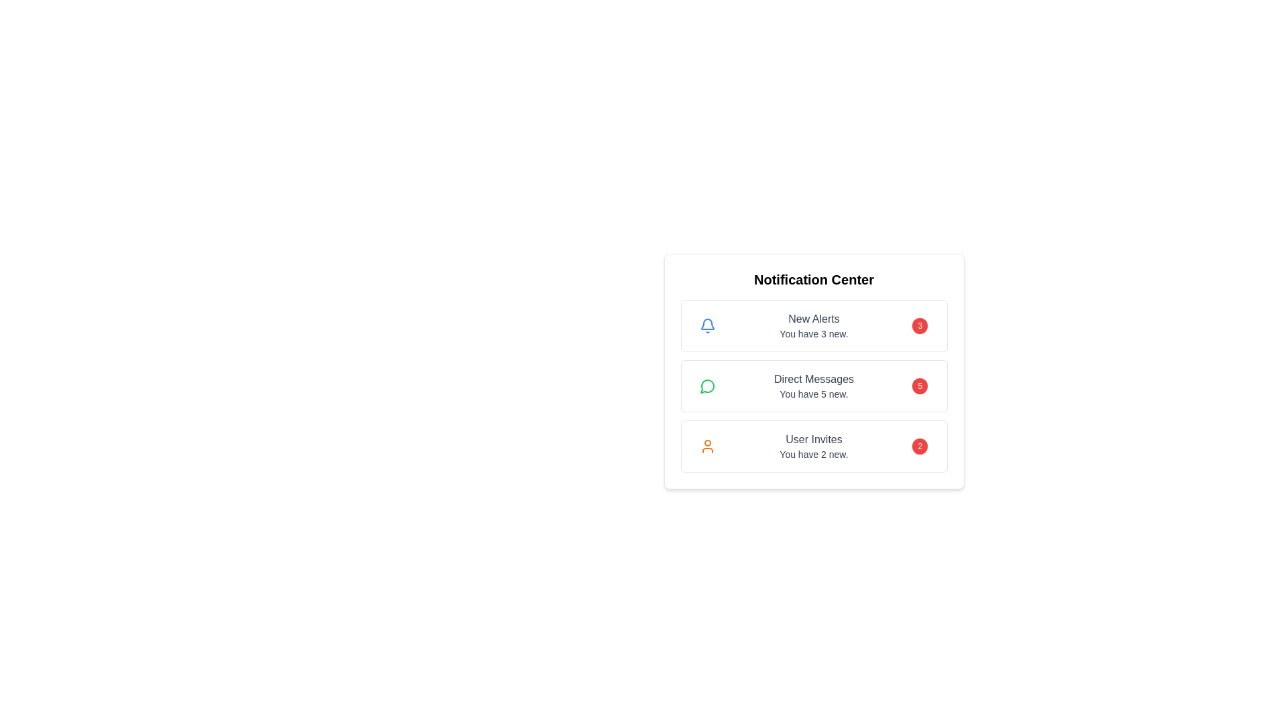 This screenshot has height=723, width=1287. What do you see at coordinates (813, 386) in the screenshot?
I see `the second notification box that informs the user about new direct messages, located between 'New Alerts' and 'User Invites'` at bounding box center [813, 386].